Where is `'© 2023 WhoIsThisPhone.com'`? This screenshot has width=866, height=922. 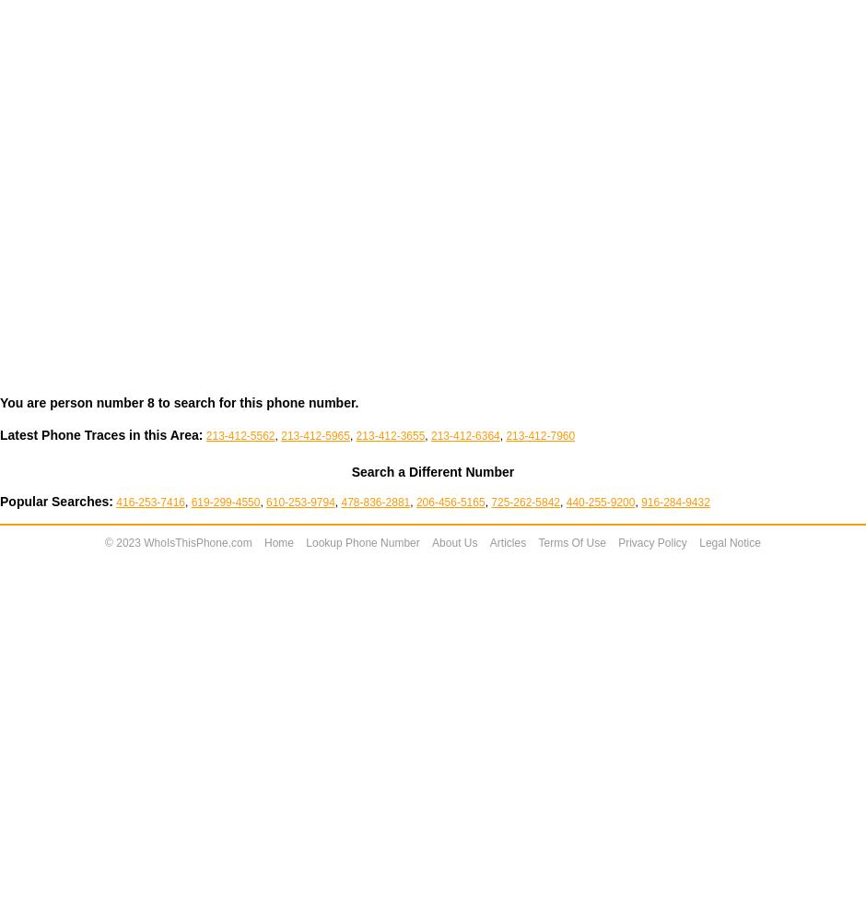
'© 2023 WhoIsThisPhone.com' is located at coordinates (178, 542).